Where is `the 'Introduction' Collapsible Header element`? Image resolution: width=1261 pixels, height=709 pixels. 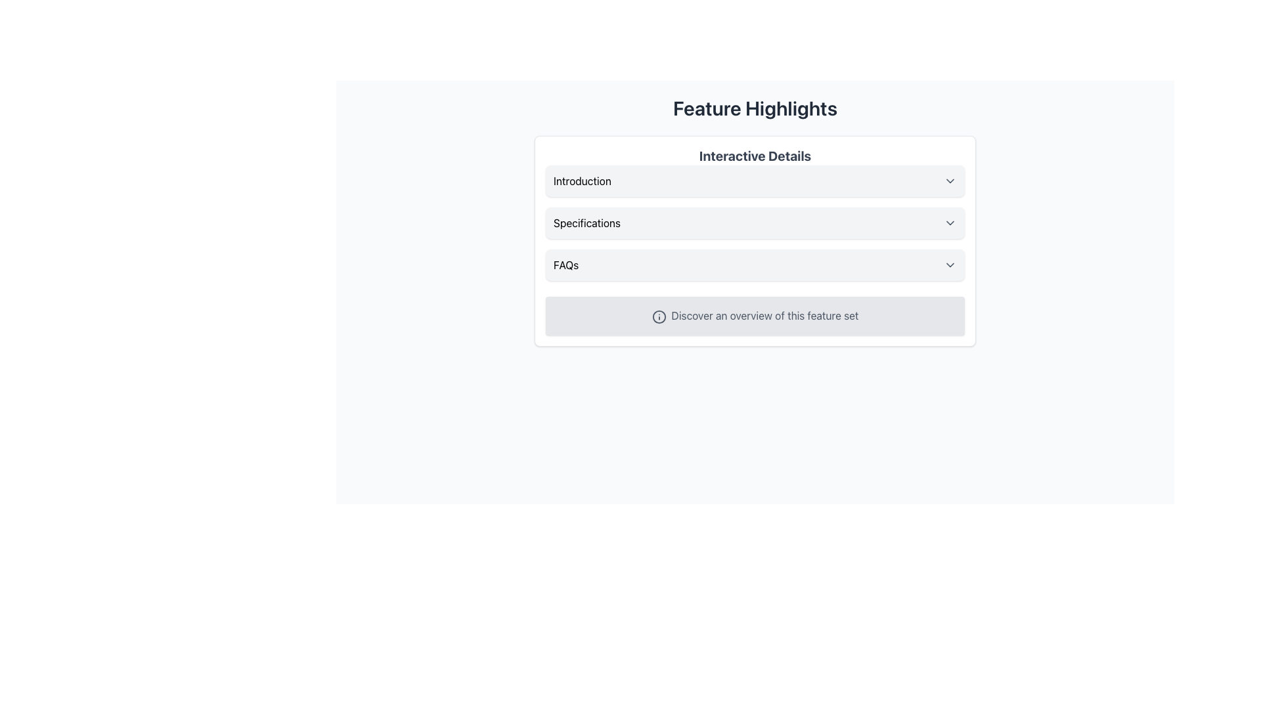 the 'Introduction' Collapsible Header element is located at coordinates (755, 181).